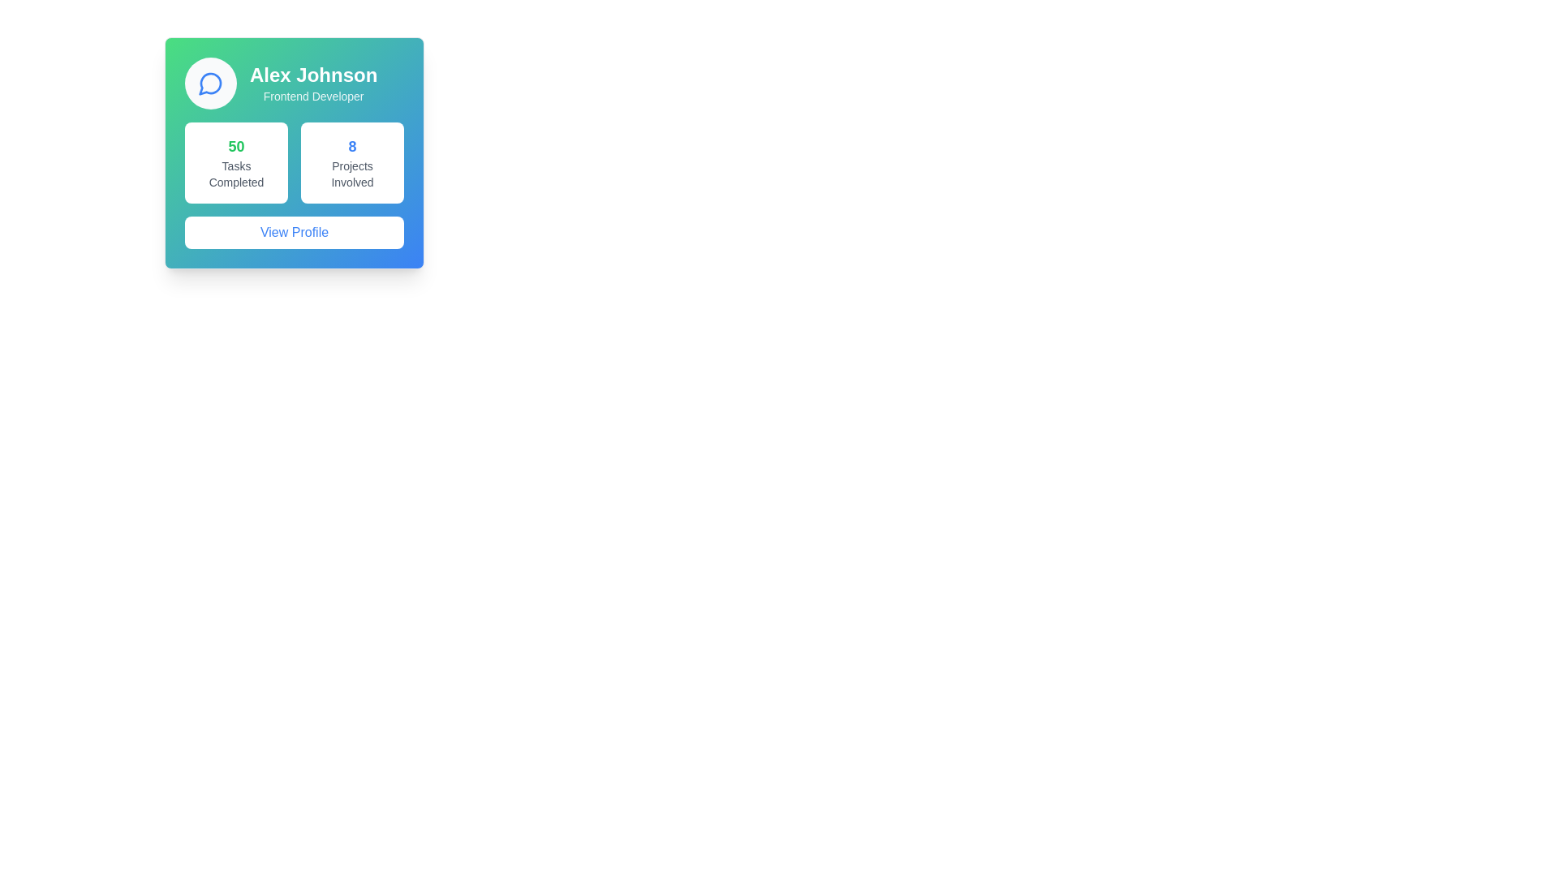 Image resolution: width=1558 pixels, height=876 pixels. Describe the element at coordinates (313, 97) in the screenshot. I see `the text label that displays the job title or role associated with the user 'Alex Johnson', located within the user profile card, positioned below the user's name` at that location.